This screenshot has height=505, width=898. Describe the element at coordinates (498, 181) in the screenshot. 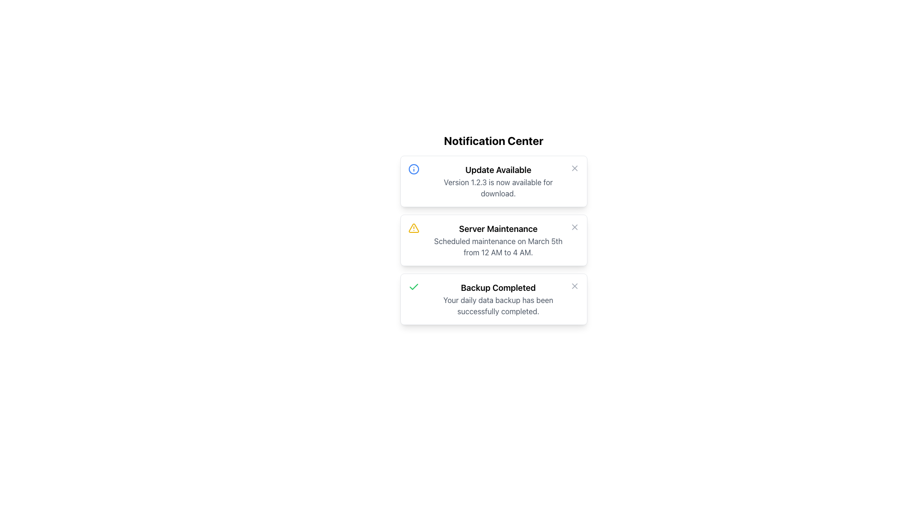

I see `notification message 'Update Available' and 'Version 1.2.3 is now available for download.' displayed in the text label component of the top notification card` at that location.